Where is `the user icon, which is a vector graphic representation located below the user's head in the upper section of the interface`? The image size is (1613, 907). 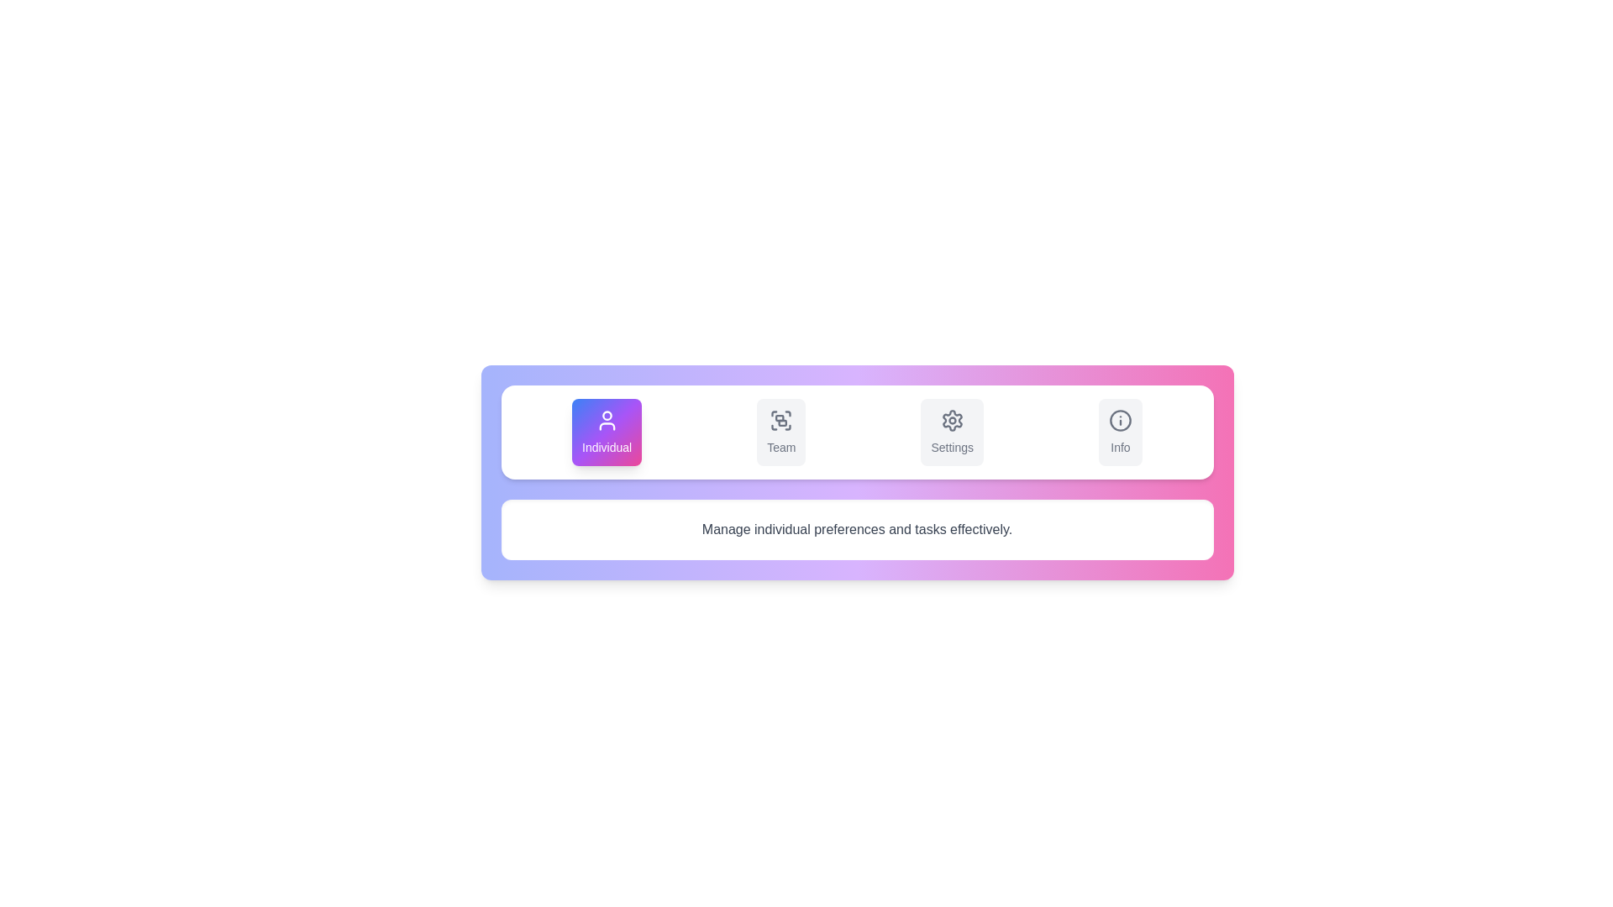 the user icon, which is a vector graphic representation located below the user's head in the upper section of the interface is located at coordinates (606, 426).